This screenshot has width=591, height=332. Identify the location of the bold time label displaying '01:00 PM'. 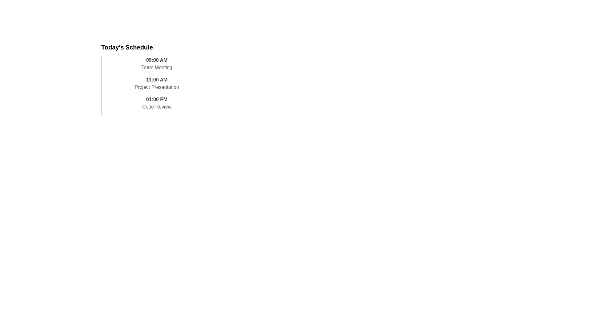
(157, 99).